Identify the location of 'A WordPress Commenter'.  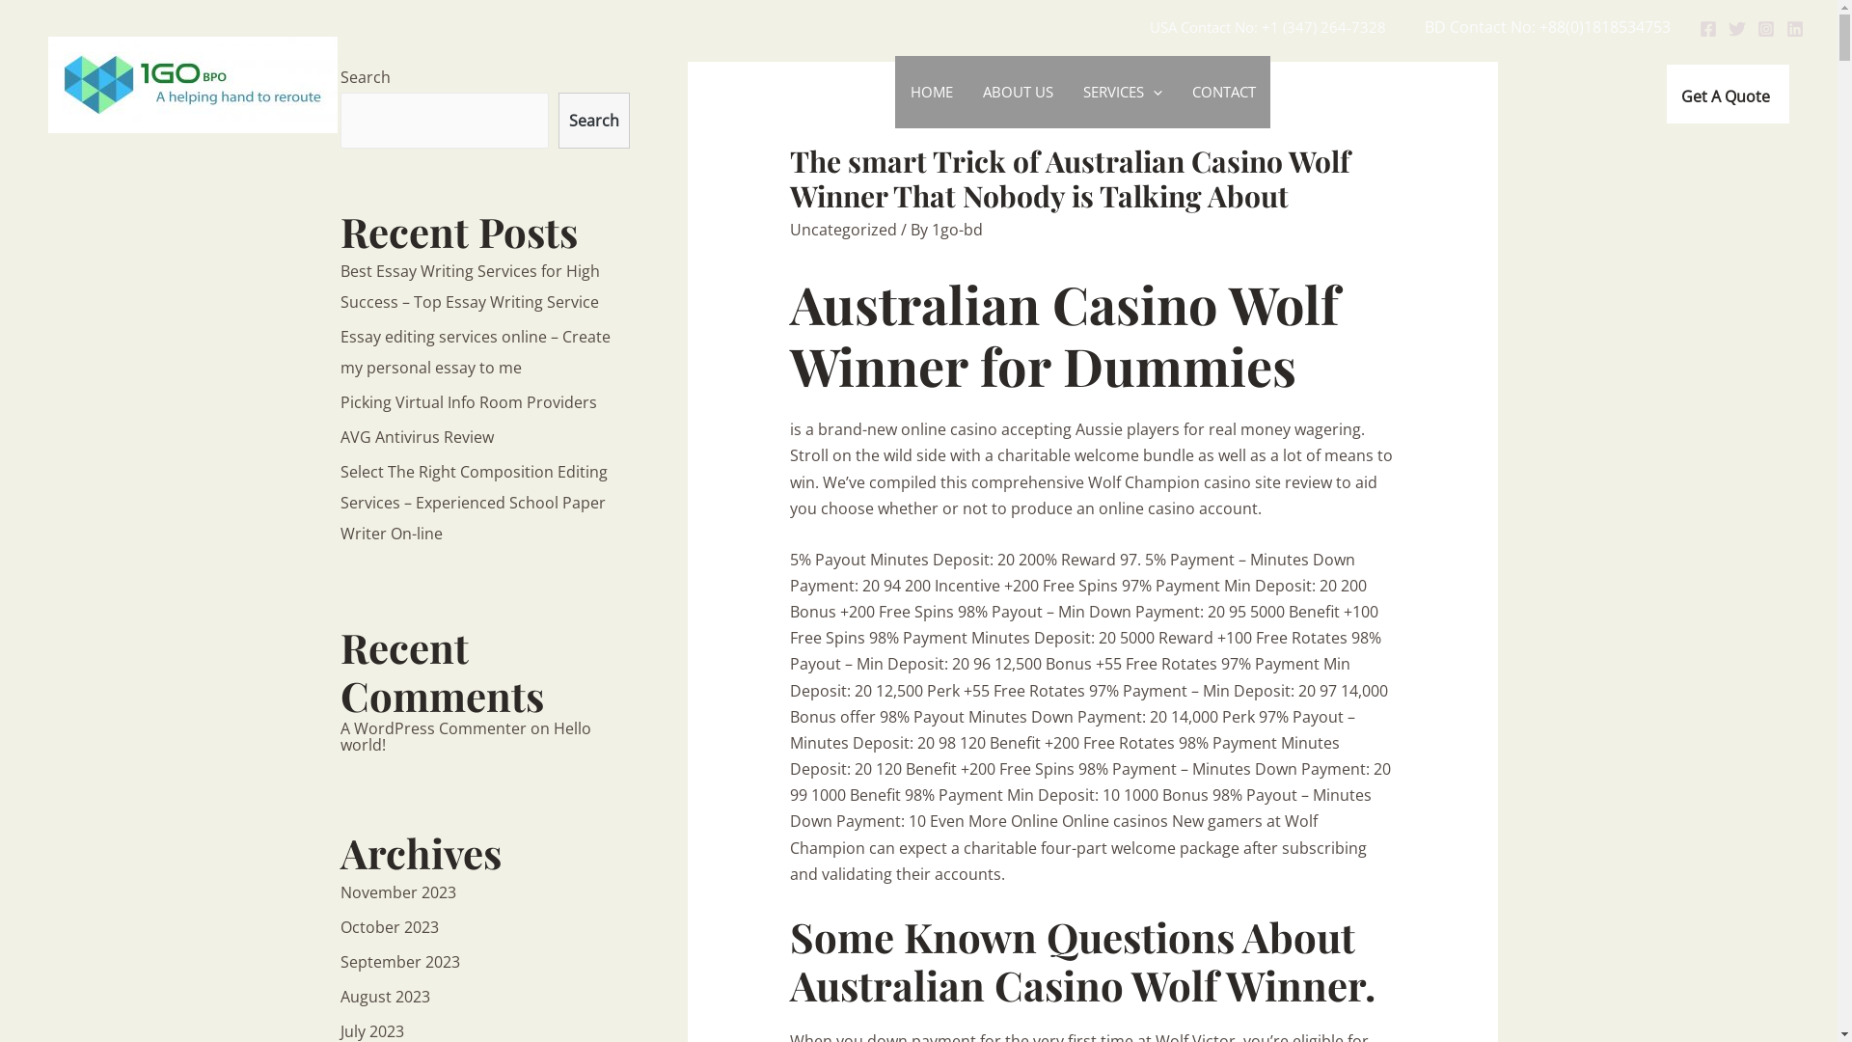
(431, 728).